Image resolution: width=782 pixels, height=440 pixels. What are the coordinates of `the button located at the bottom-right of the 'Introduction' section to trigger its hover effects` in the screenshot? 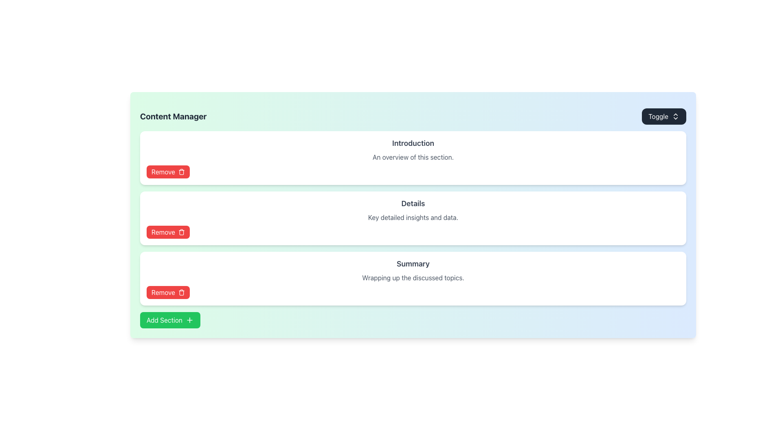 It's located at (167, 171).